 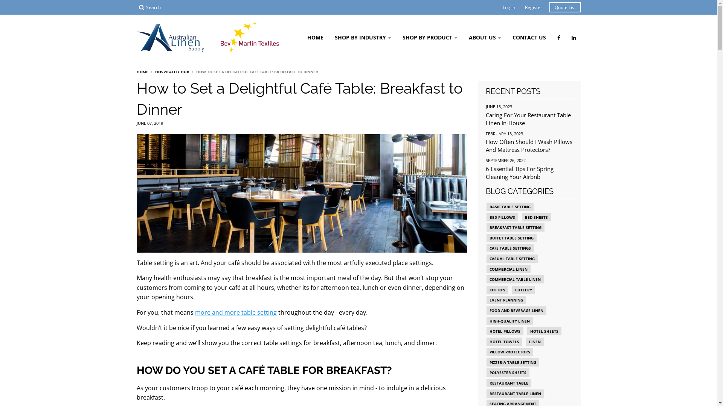 I want to click on 'Register', so click(x=533, y=7).